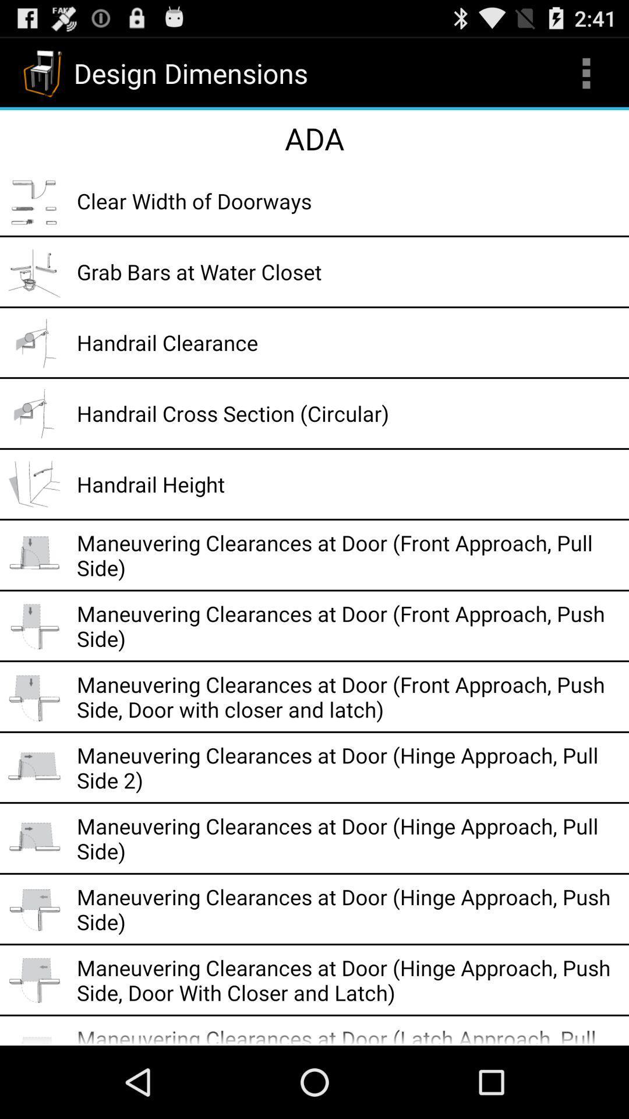 Image resolution: width=629 pixels, height=1119 pixels. What do you see at coordinates (348, 271) in the screenshot?
I see `grab bars at` at bounding box center [348, 271].